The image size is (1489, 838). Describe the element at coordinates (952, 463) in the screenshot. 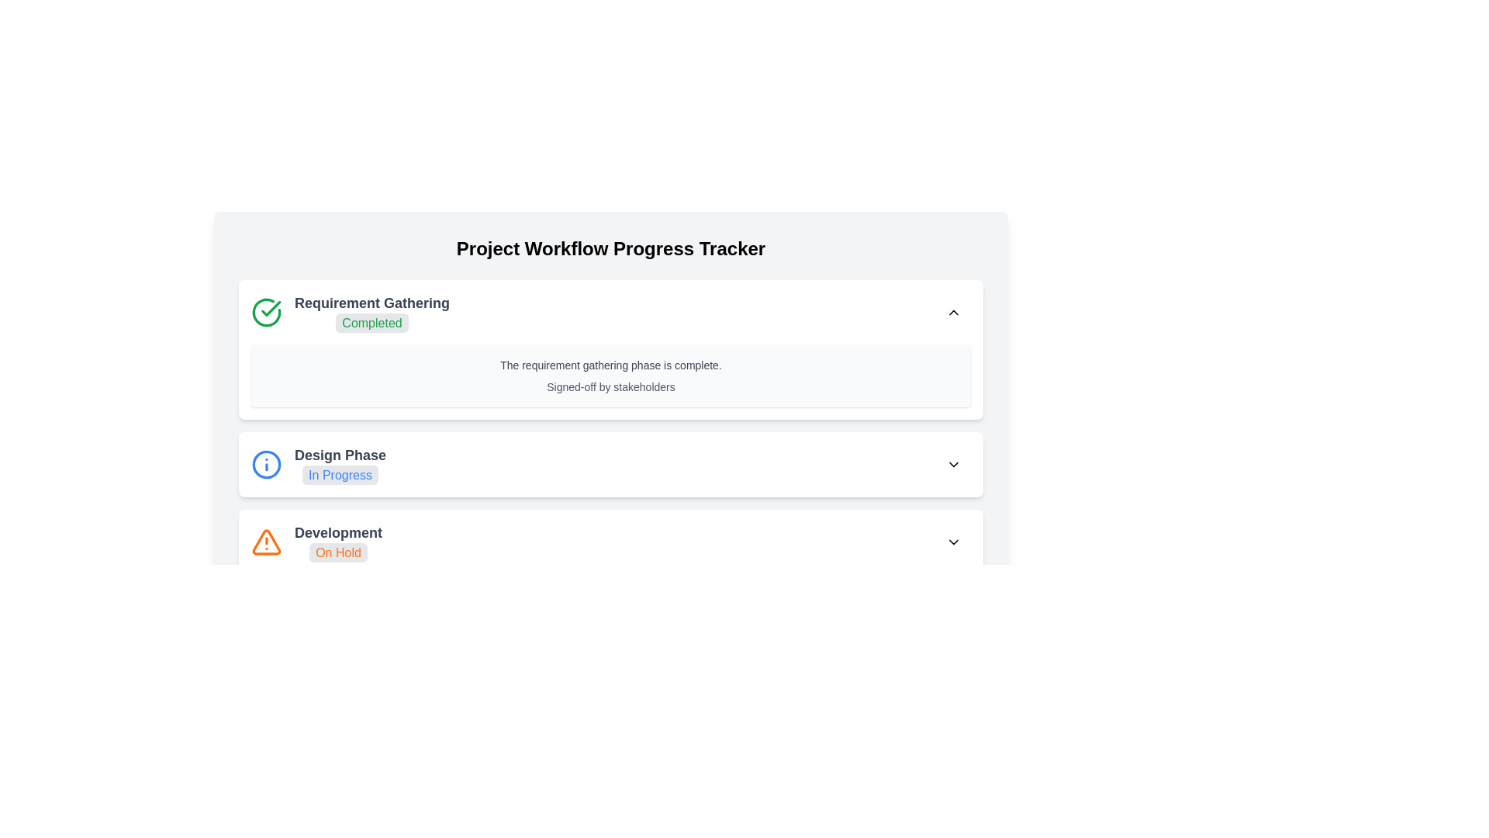

I see `the button located at the far right of the 'Design Phase' section in the Project Workflow Progress Tracker interface` at that location.